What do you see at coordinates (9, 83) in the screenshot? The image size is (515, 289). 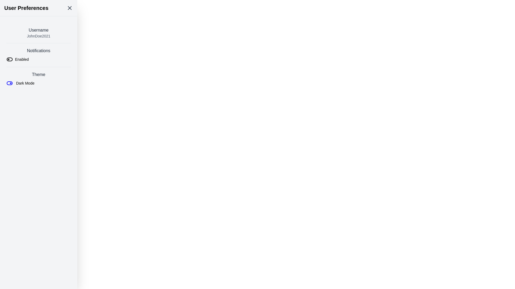 I see `the Toggle switch background in the 'Theme' section` at bounding box center [9, 83].